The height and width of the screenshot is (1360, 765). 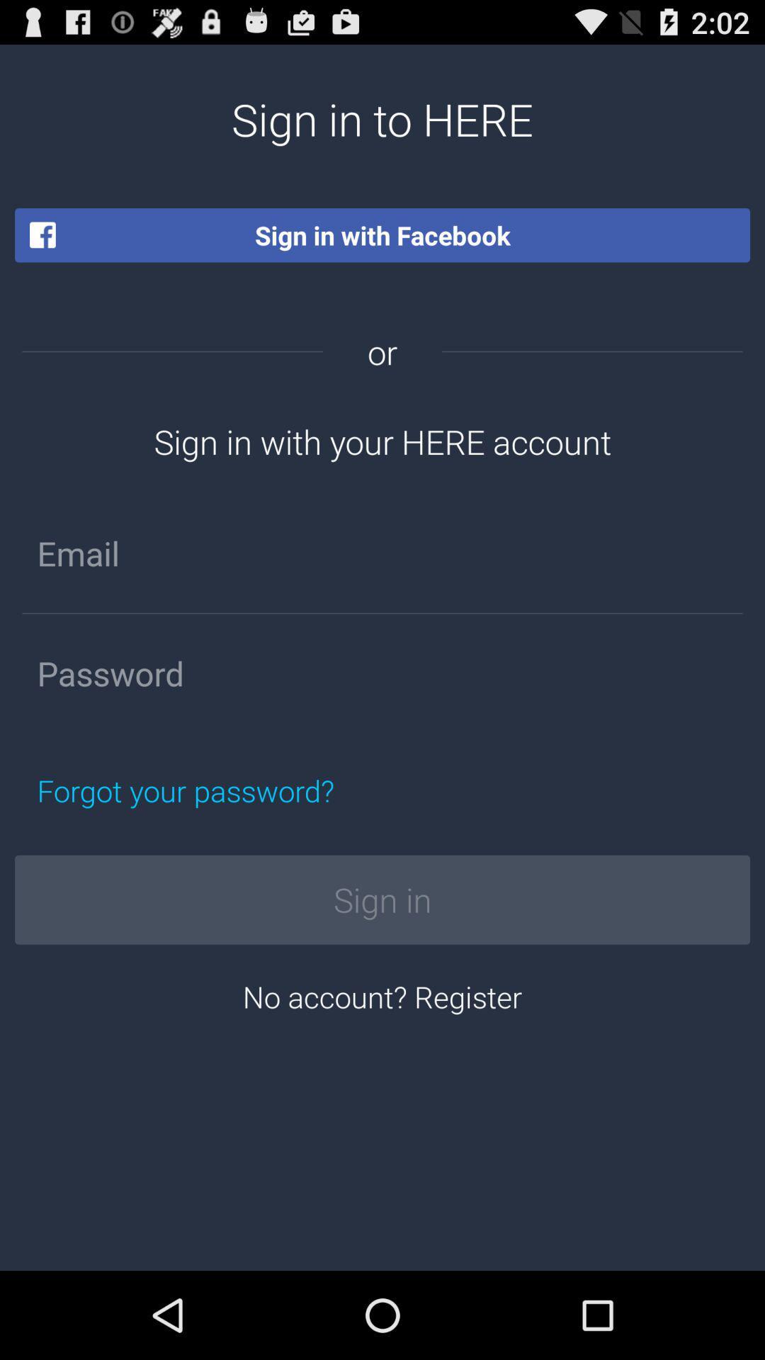 What do you see at coordinates (382, 552) in the screenshot?
I see `e-mail address` at bounding box center [382, 552].